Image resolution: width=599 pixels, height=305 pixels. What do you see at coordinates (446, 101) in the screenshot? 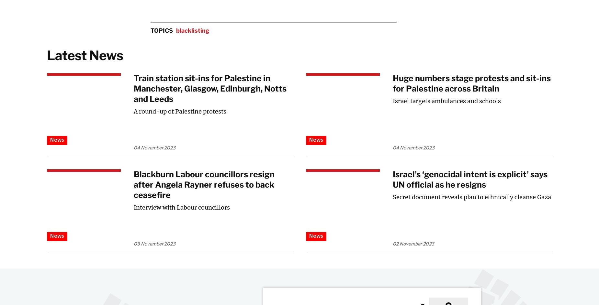
I see `'Israel targets ambulances and schools'` at bounding box center [446, 101].